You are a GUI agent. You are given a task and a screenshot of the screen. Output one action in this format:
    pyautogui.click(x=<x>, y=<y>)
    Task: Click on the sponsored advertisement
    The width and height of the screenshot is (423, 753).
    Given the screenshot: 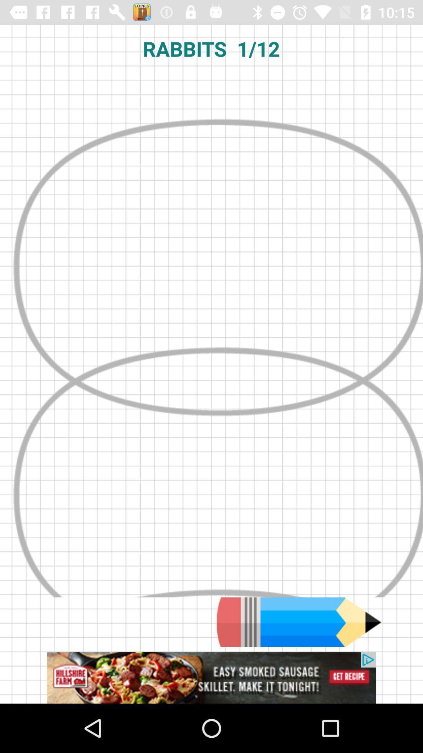 What is the action you would take?
    pyautogui.click(x=211, y=677)
    